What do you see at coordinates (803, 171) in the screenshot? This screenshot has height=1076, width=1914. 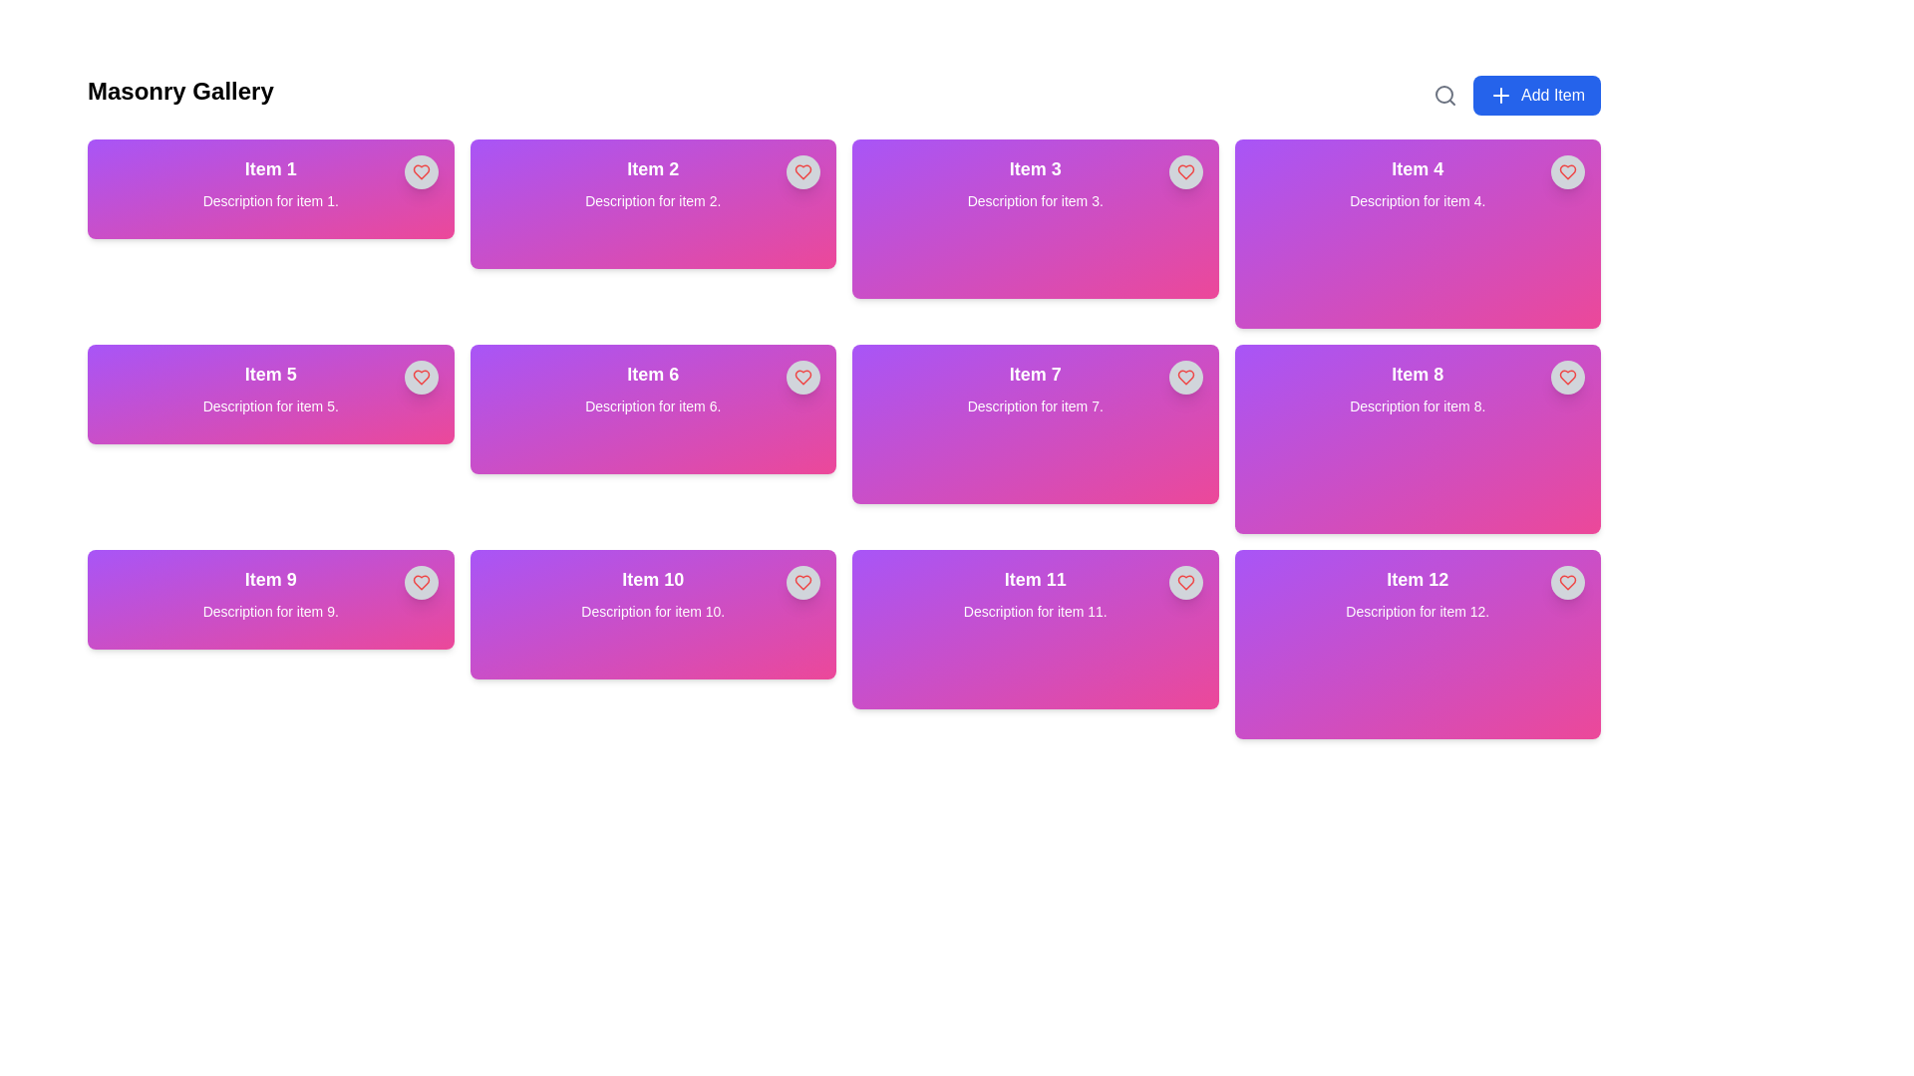 I see `the heart-shaped icon button located in the top-right corner of the 'Item 2' card` at bounding box center [803, 171].